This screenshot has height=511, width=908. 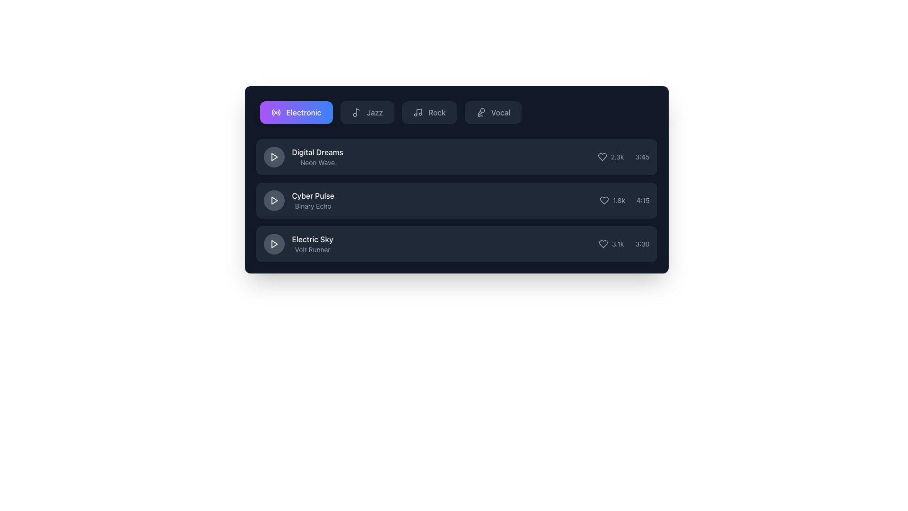 What do you see at coordinates (437, 112) in the screenshot?
I see `the 'Rock' genre text label within the interactive button in the horizontal navigation bar to filter content by the 'Rock' genre` at bounding box center [437, 112].